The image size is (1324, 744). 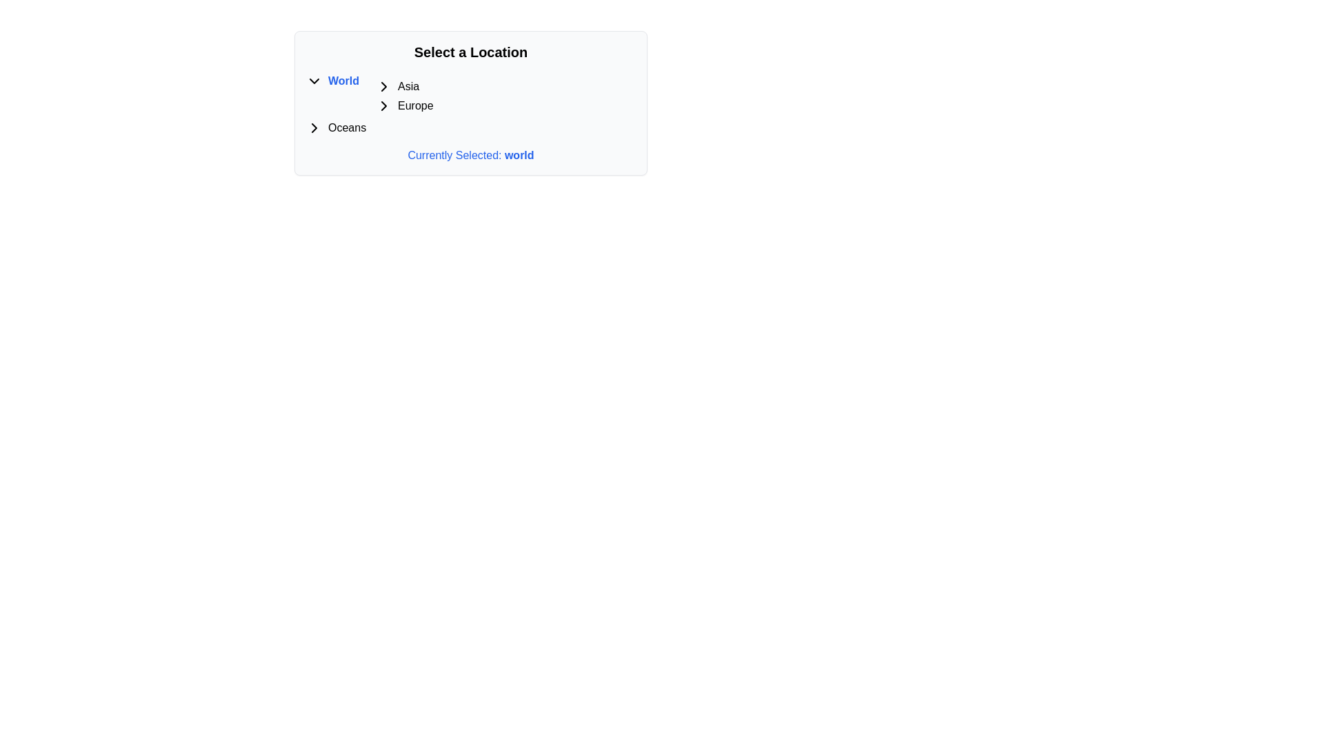 What do you see at coordinates (314, 81) in the screenshot?
I see `the button (dropdown trigger) located in the top-left region of the selection box, which precedes the text 'World'` at bounding box center [314, 81].